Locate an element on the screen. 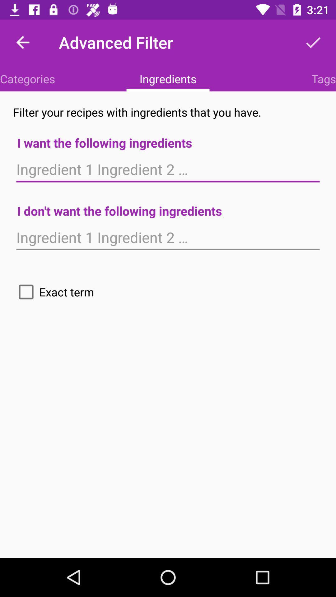  the exact term icon is located at coordinates (53, 292).